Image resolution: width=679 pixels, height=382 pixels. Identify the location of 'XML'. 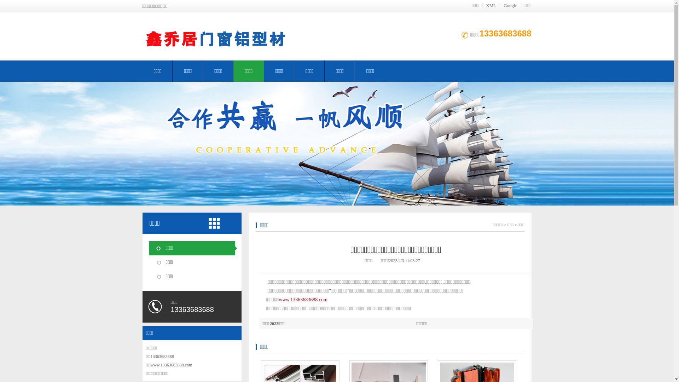
(491, 5).